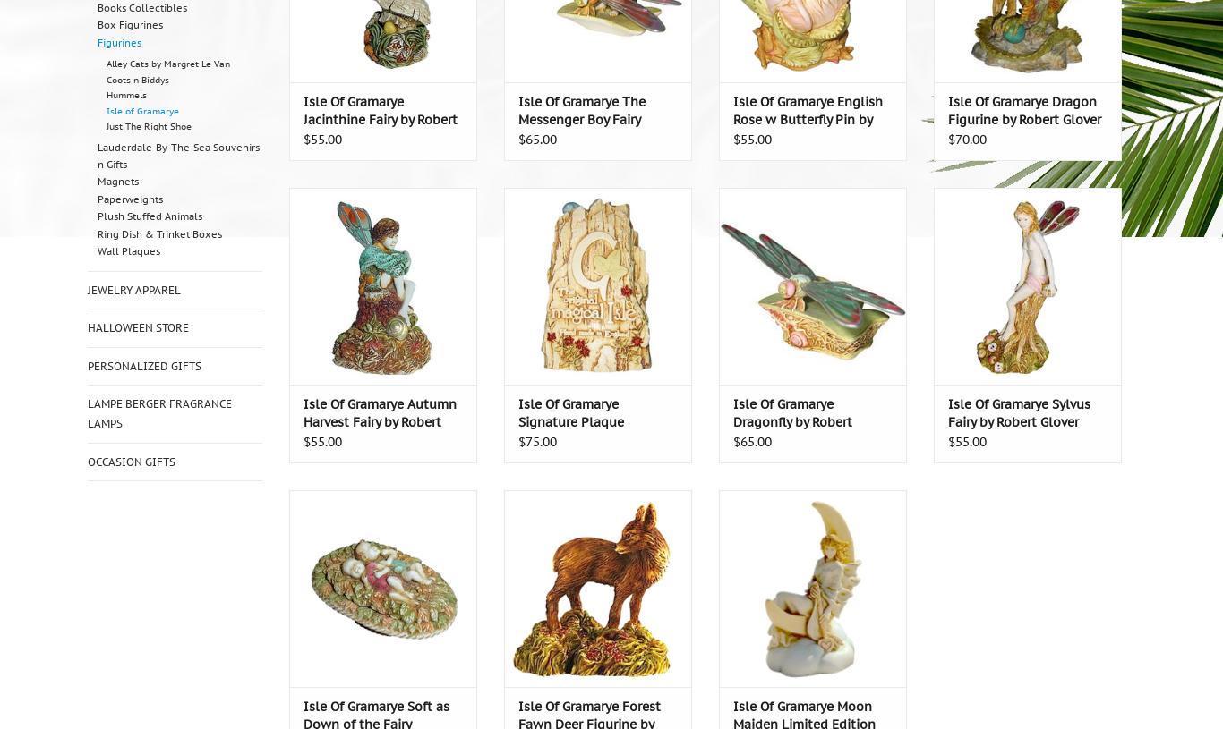  Describe the element at coordinates (580, 118) in the screenshot. I see `'Isle Of Gramarye The Messenger Boy Fairy Riding Dragonfly'` at that location.